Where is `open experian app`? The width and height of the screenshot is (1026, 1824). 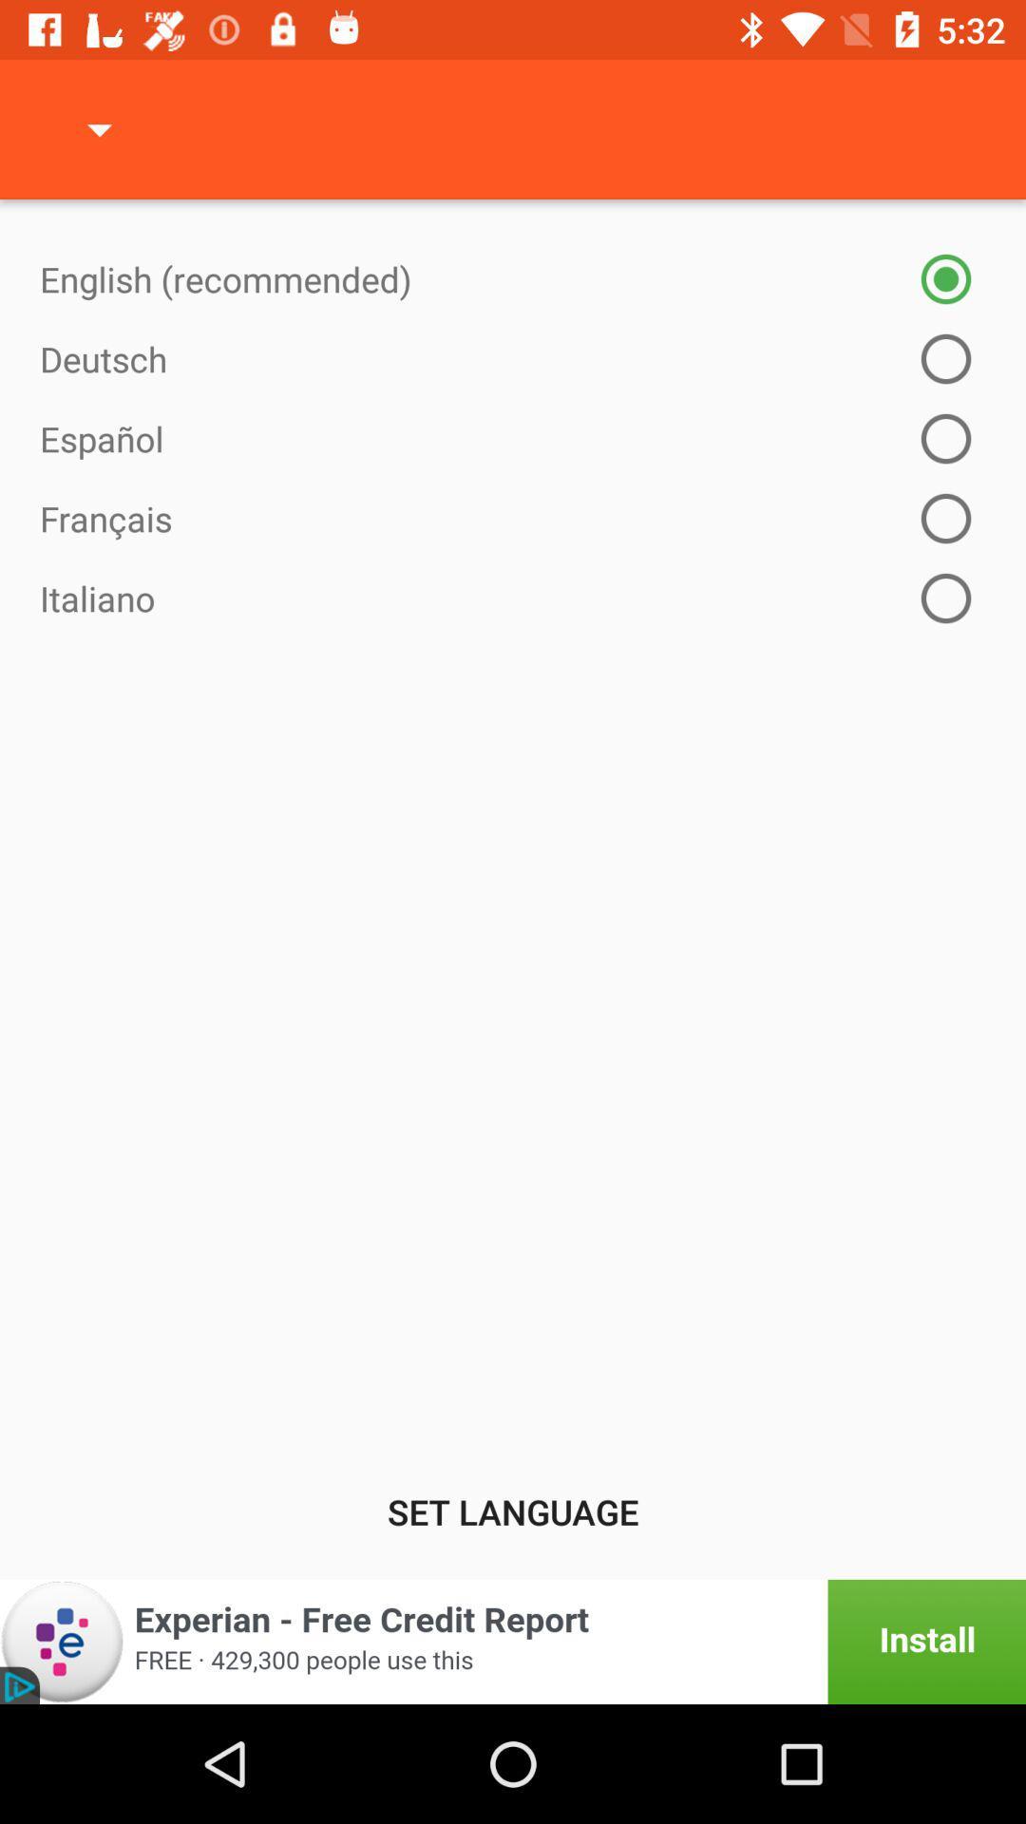
open experian app is located at coordinates (513, 1641).